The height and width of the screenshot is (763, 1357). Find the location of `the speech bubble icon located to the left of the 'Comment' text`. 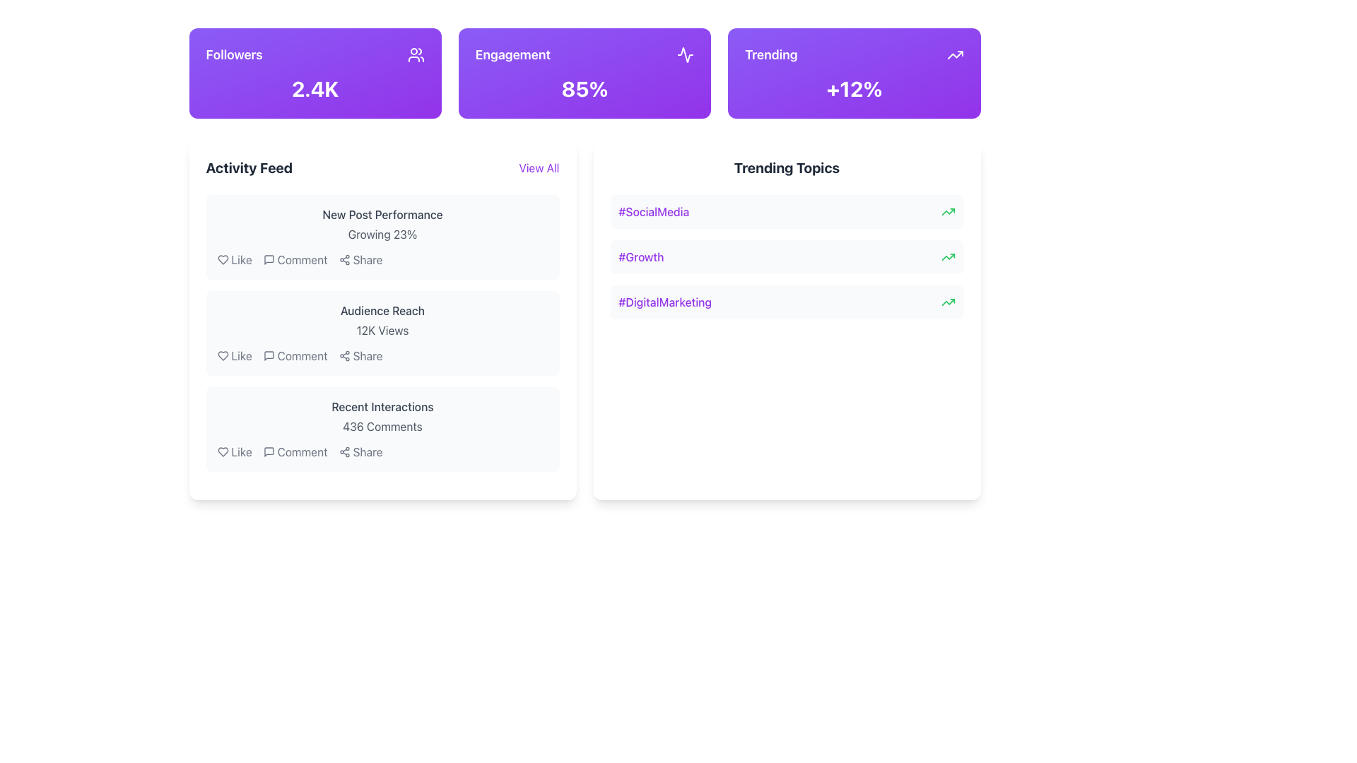

the speech bubble icon located to the left of the 'Comment' text is located at coordinates (269, 355).